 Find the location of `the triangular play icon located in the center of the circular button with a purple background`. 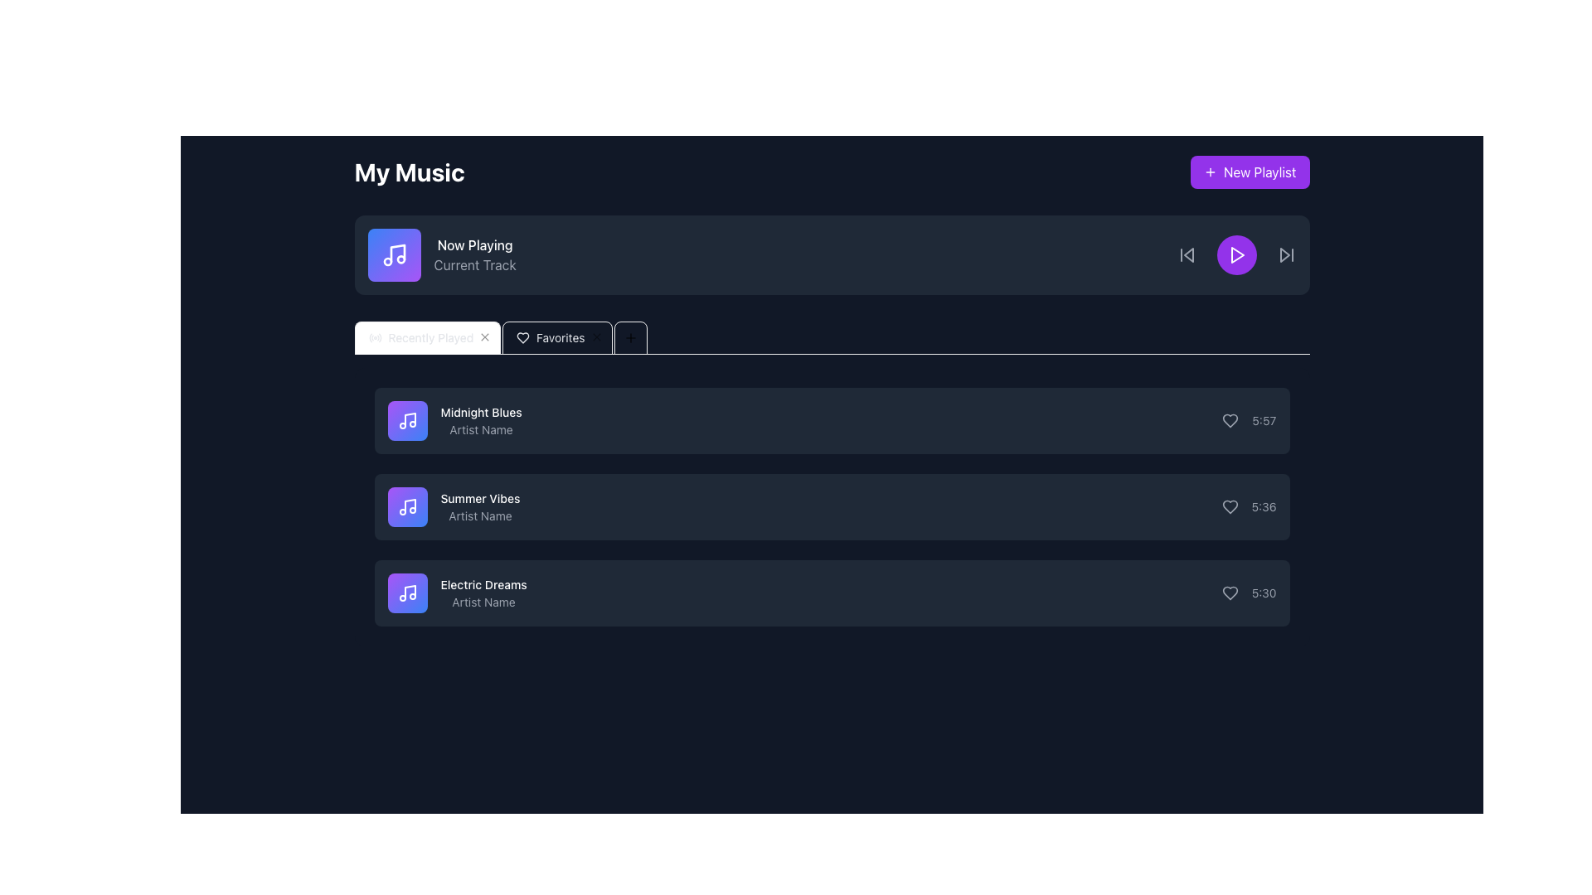

the triangular play icon located in the center of the circular button with a purple background is located at coordinates (1237, 255).